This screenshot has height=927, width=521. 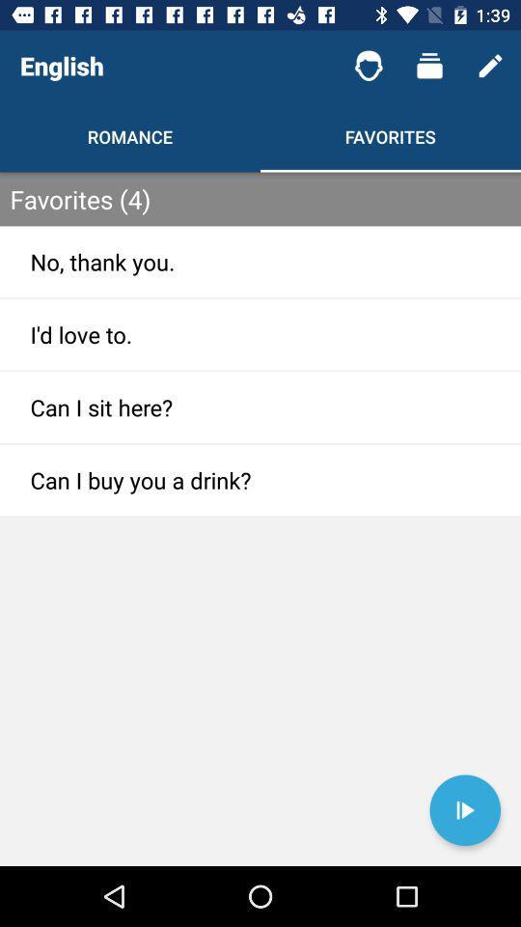 What do you see at coordinates (464, 810) in the screenshot?
I see `audio` at bounding box center [464, 810].